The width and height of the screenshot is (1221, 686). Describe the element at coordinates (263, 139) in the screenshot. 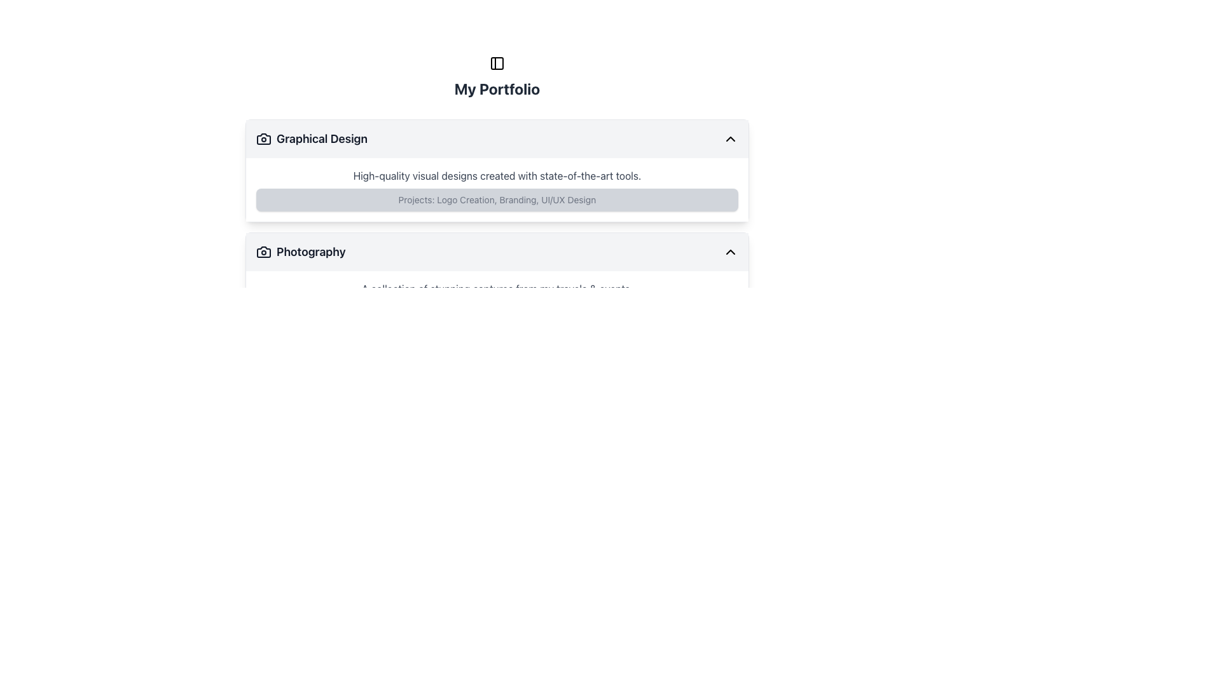

I see `the camera icon element located near the top left of the section header labeled 'Graphical Design'` at that location.